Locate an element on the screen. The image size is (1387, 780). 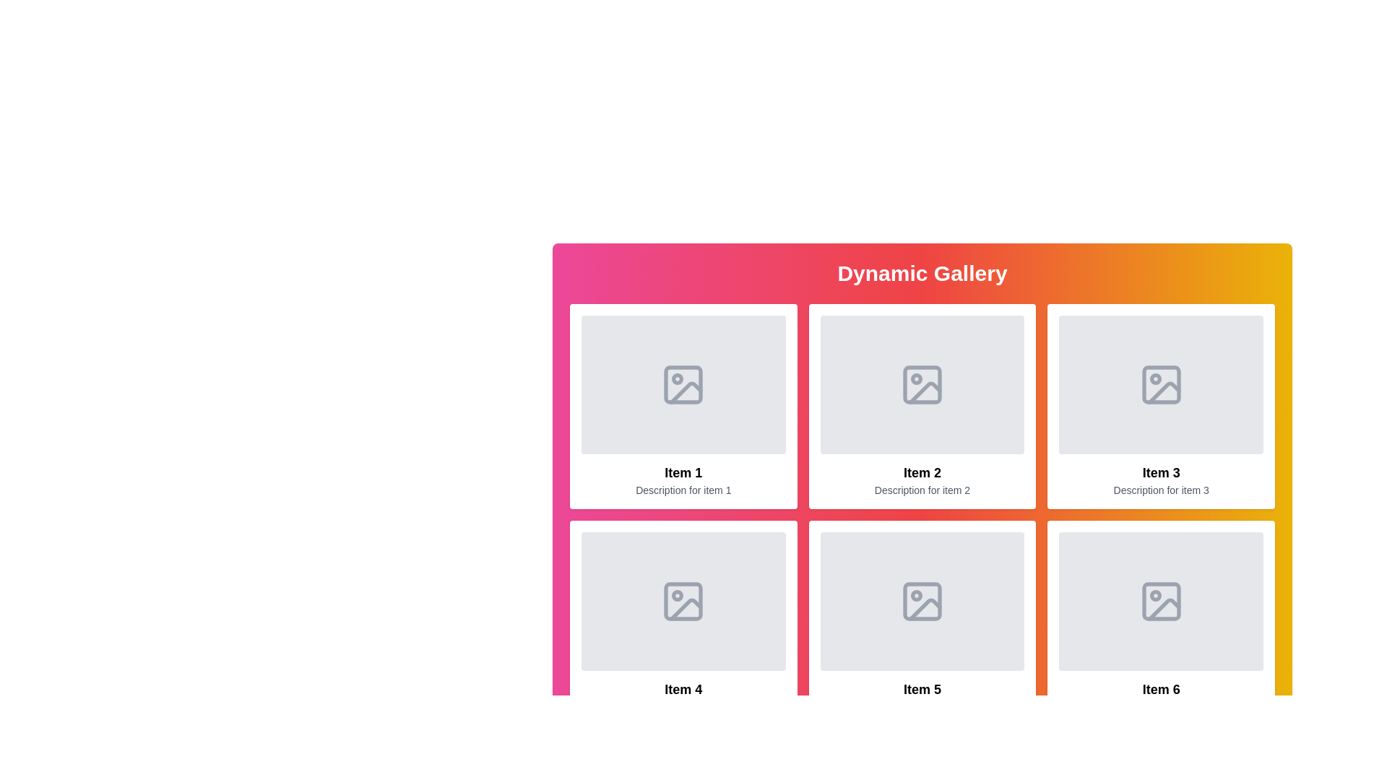
the graphical icon part representing the image placeholder in the first cell of the gallery's top row, labeled 'Item 1' is located at coordinates (683, 383).